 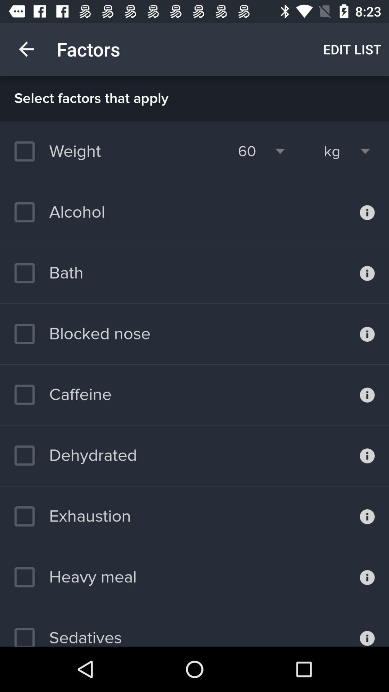 What do you see at coordinates (367, 273) in the screenshot?
I see `more information` at bounding box center [367, 273].